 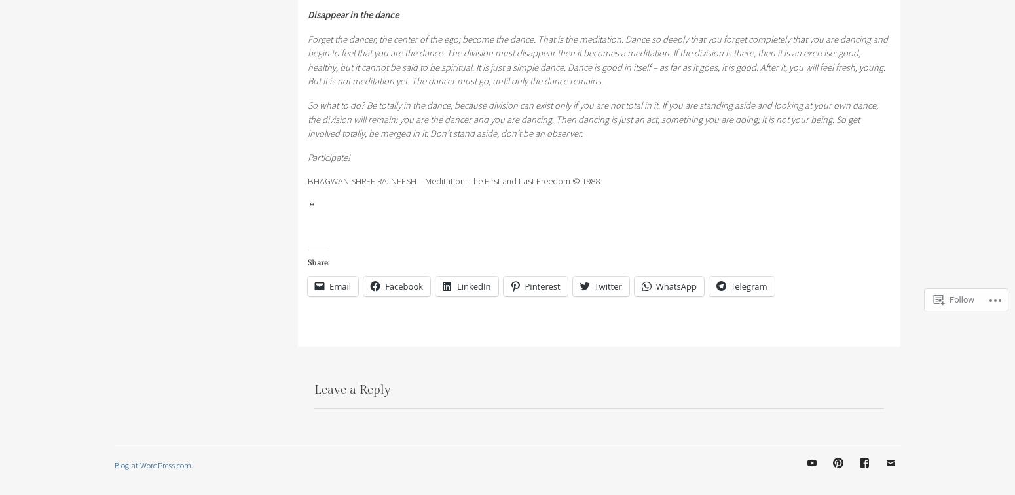 What do you see at coordinates (306, 104) in the screenshot?
I see `'So what to do? Be totally in the dance, because division can exist only if you are not total in it. If you are standing'` at bounding box center [306, 104].